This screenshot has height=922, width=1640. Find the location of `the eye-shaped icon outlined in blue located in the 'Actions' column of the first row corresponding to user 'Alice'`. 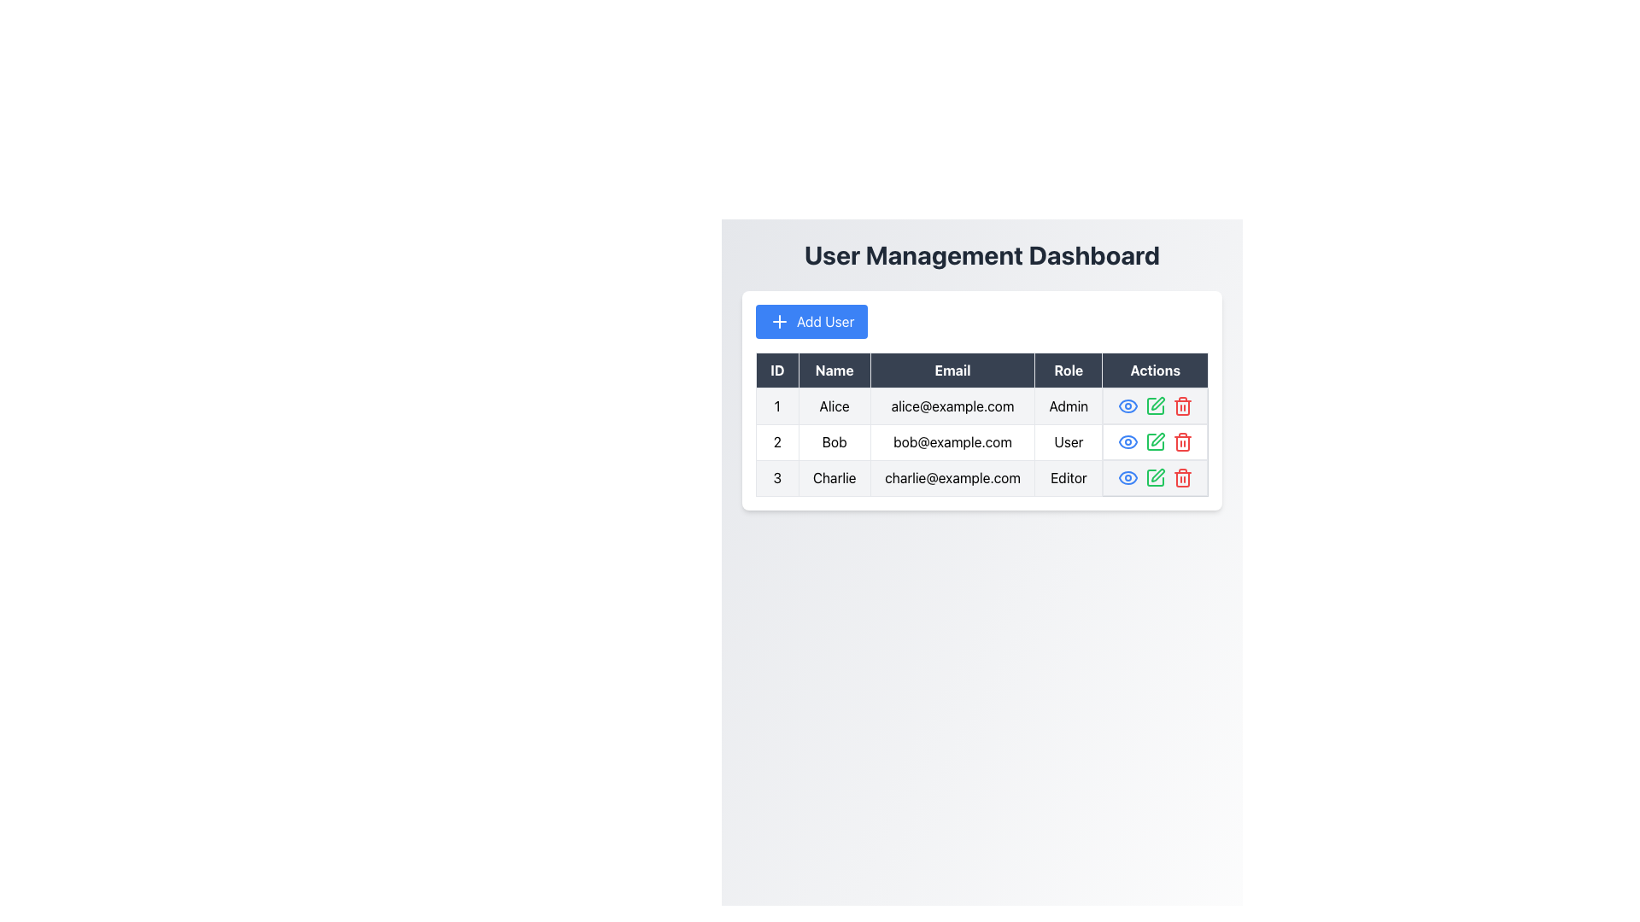

the eye-shaped icon outlined in blue located in the 'Actions' column of the first row corresponding to user 'Alice' is located at coordinates (1127, 406).